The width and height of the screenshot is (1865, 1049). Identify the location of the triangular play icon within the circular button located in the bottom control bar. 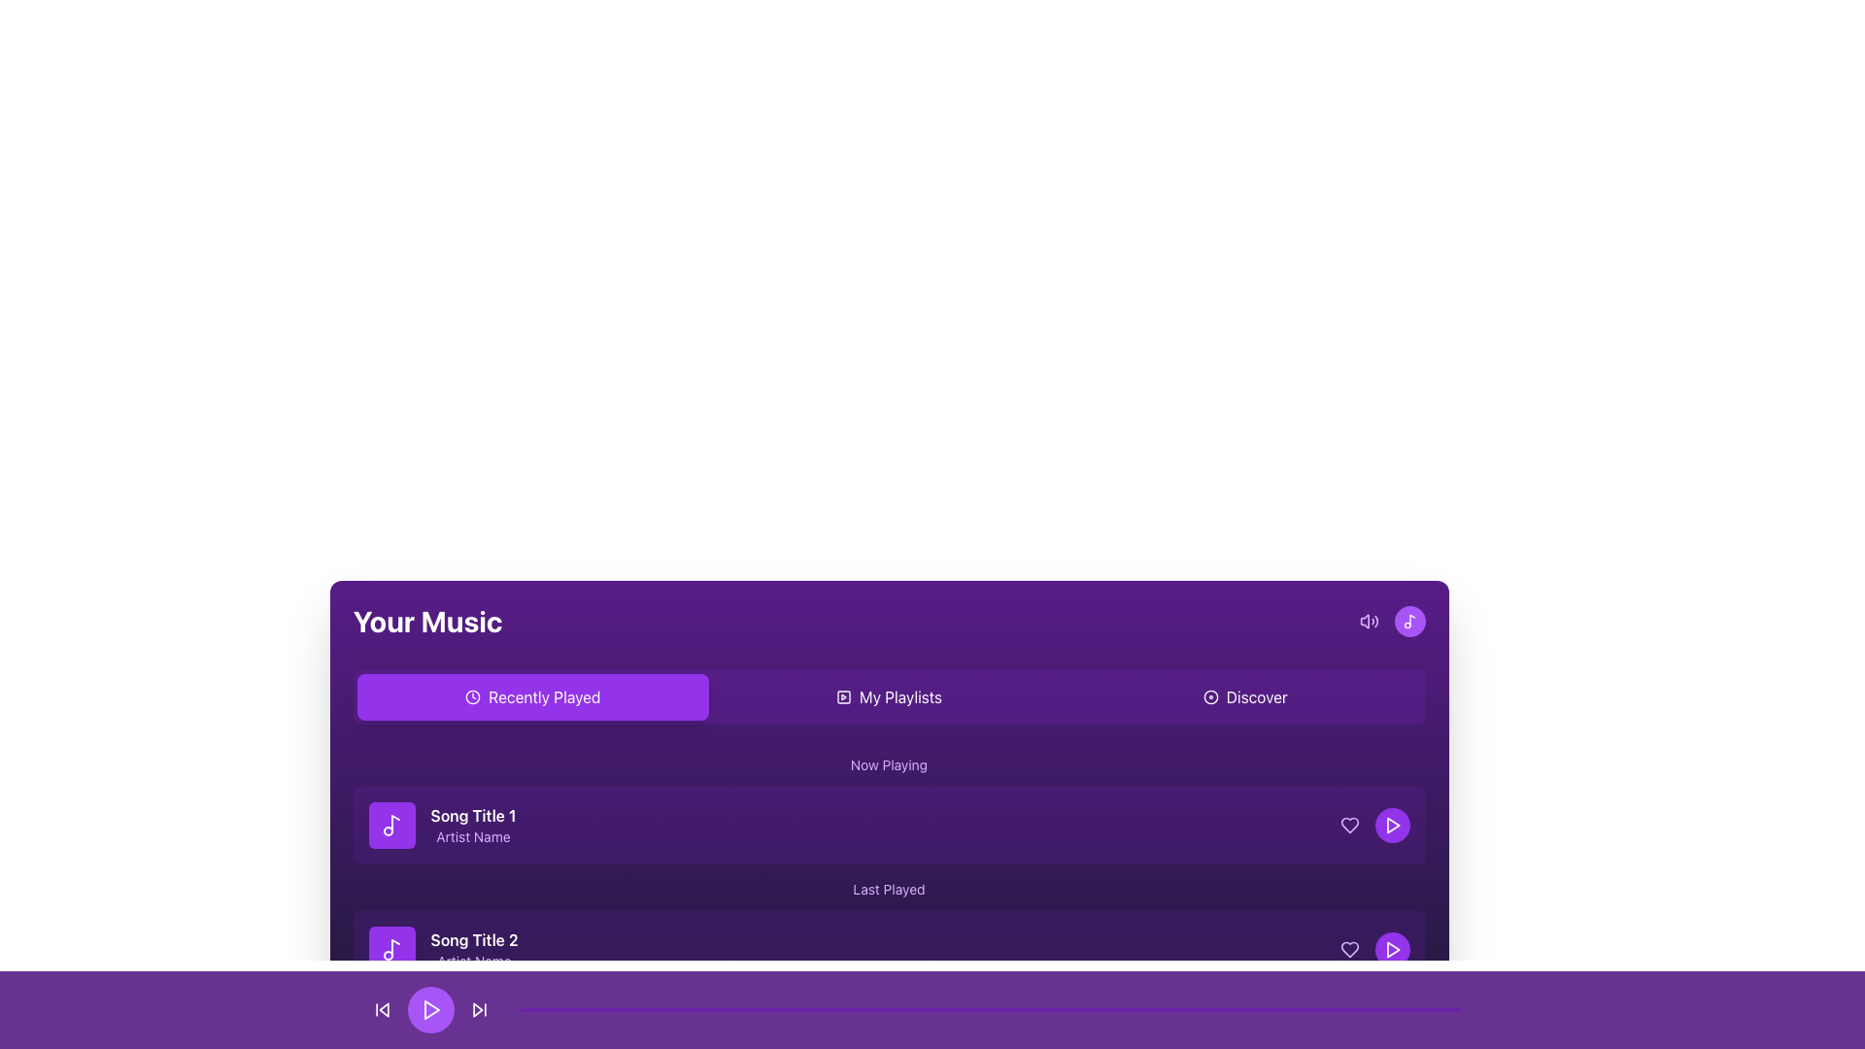
(430, 1009).